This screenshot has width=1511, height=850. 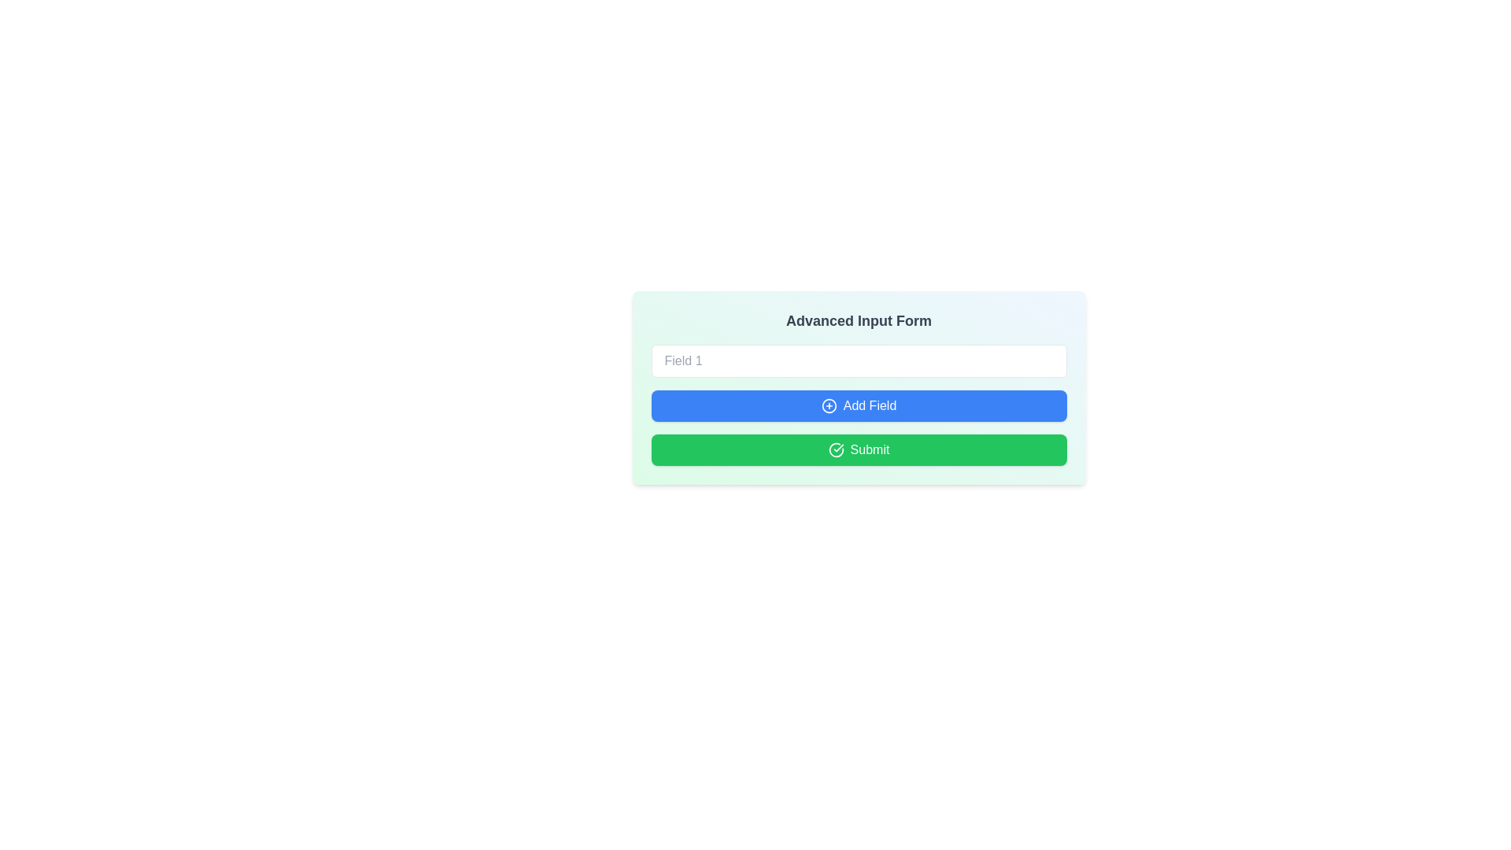 What do you see at coordinates (858, 361) in the screenshot?
I see `to select text in the 'Field 1' input field, which is a horizontally-aligned text input with rounded corners and a placeholder at the top of the form` at bounding box center [858, 361].